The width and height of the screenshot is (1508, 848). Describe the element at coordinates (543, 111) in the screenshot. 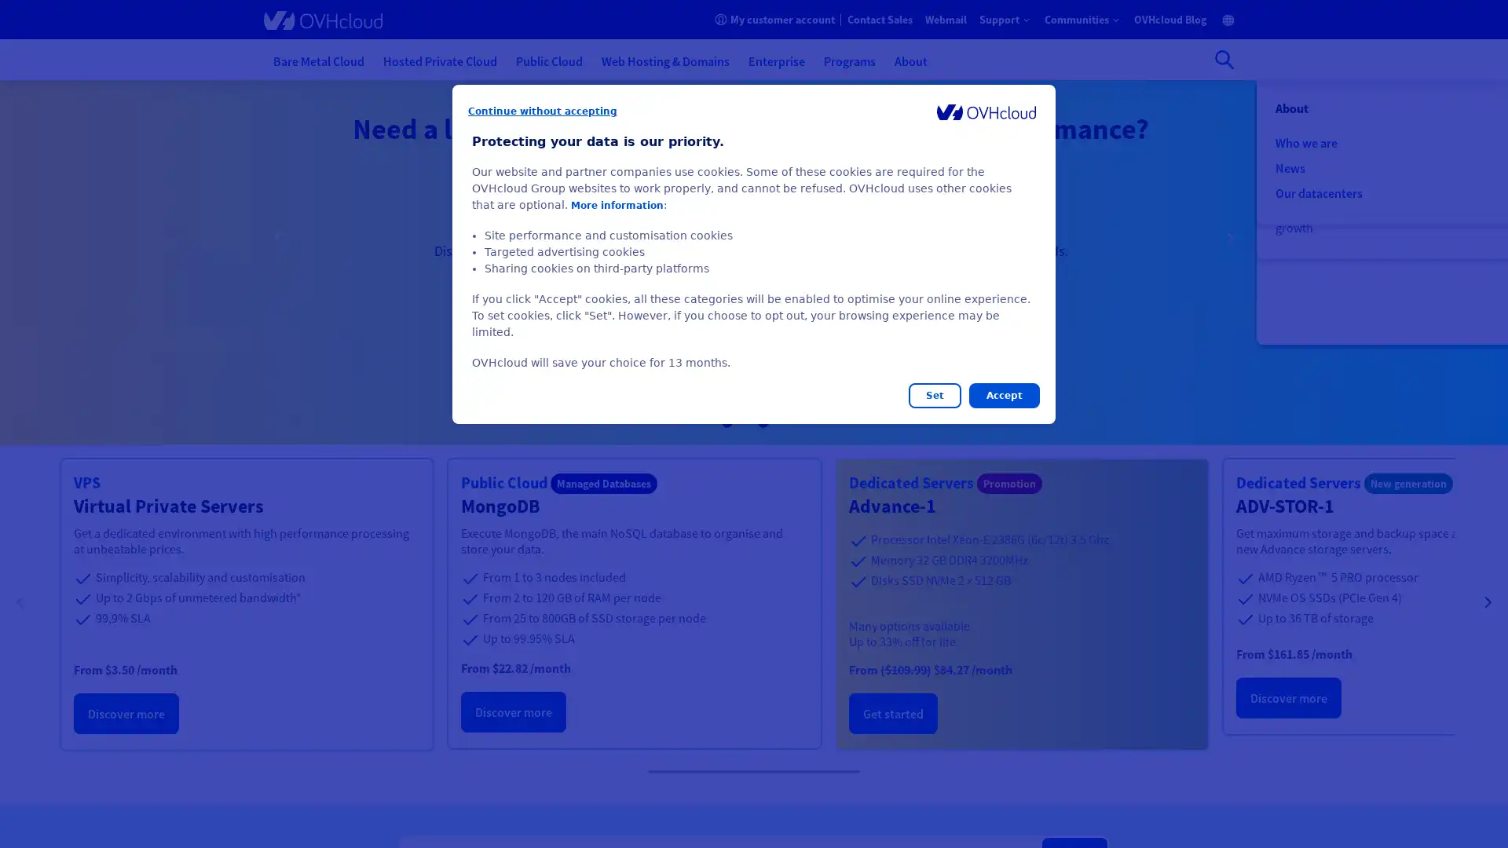

I see `Continue without accepting` at that location.